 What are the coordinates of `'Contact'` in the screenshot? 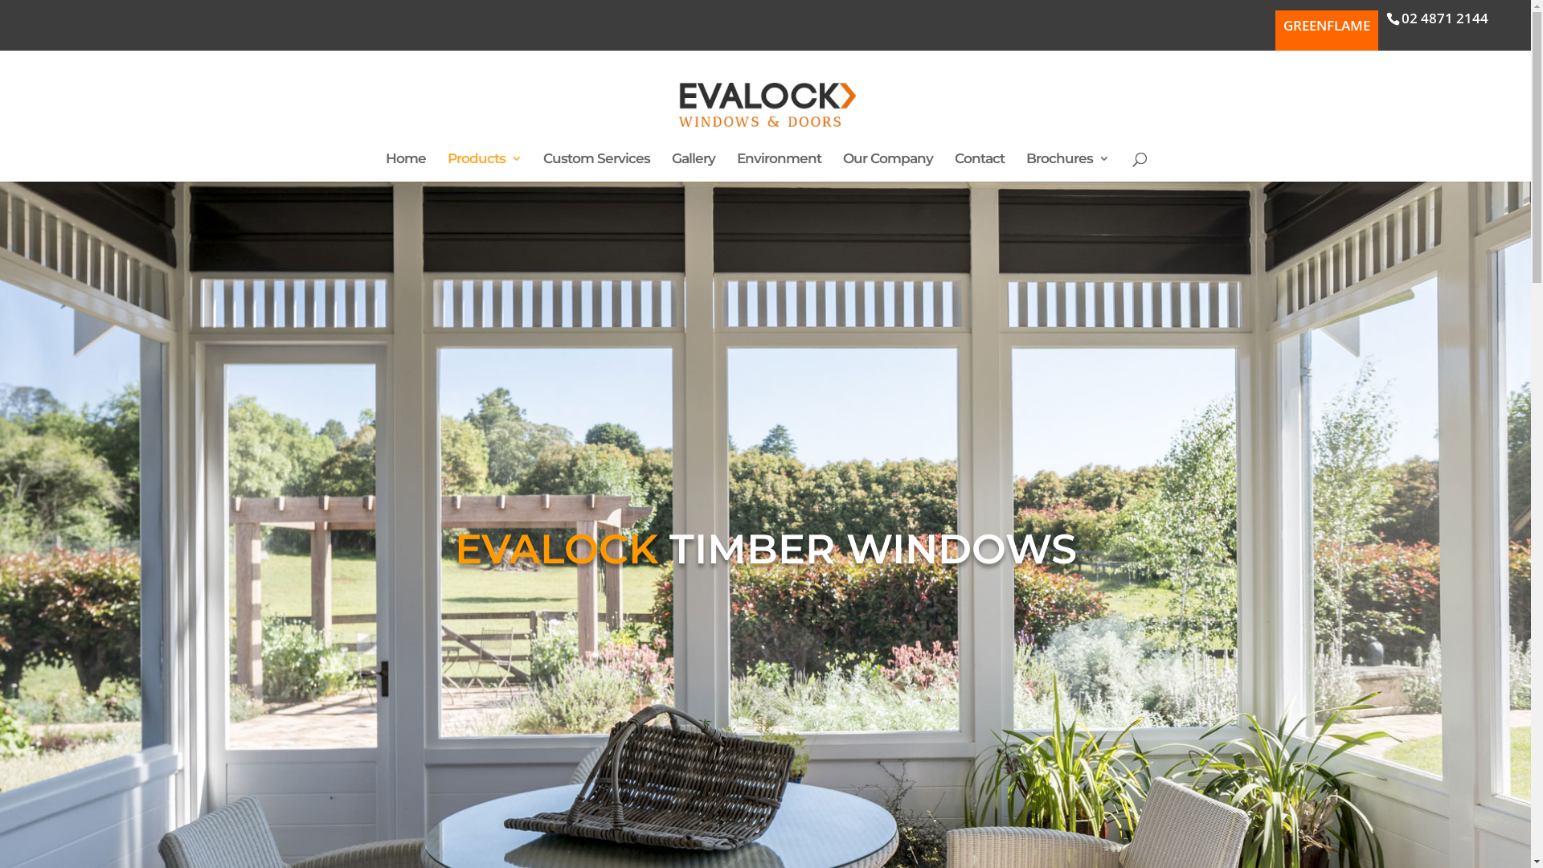 It's located at (979, 167).